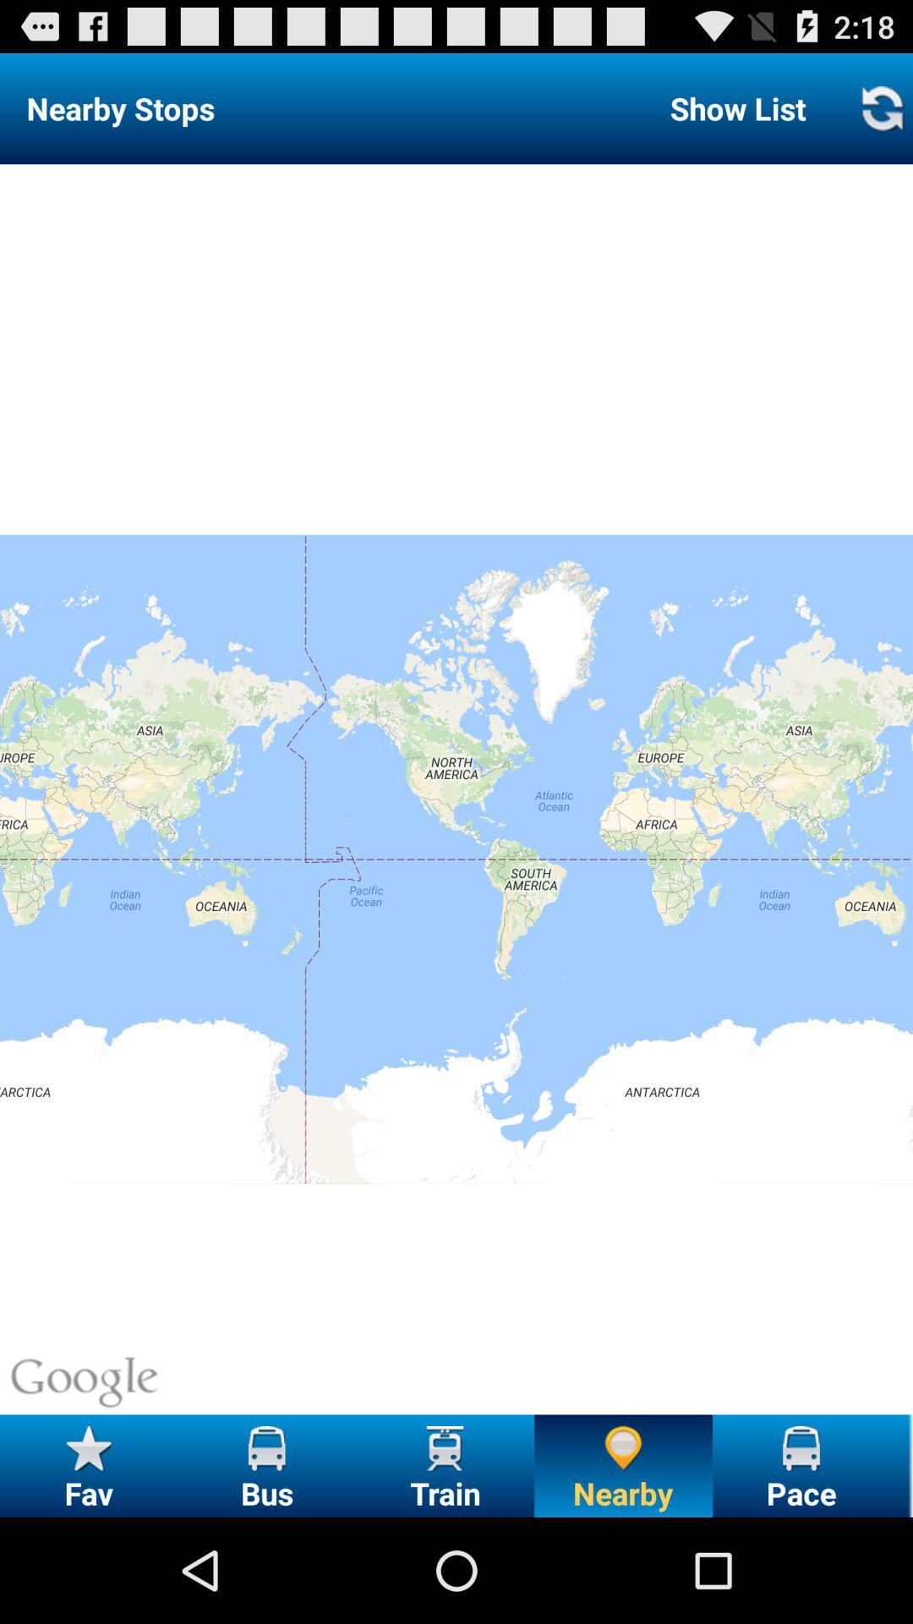 The width and height of the screenshot is (913, 1624). What do you see at coordinates (881, 107) in the screenshot?
I see `the refresh symbol which is beside show list` at bounding box center [881, 107].